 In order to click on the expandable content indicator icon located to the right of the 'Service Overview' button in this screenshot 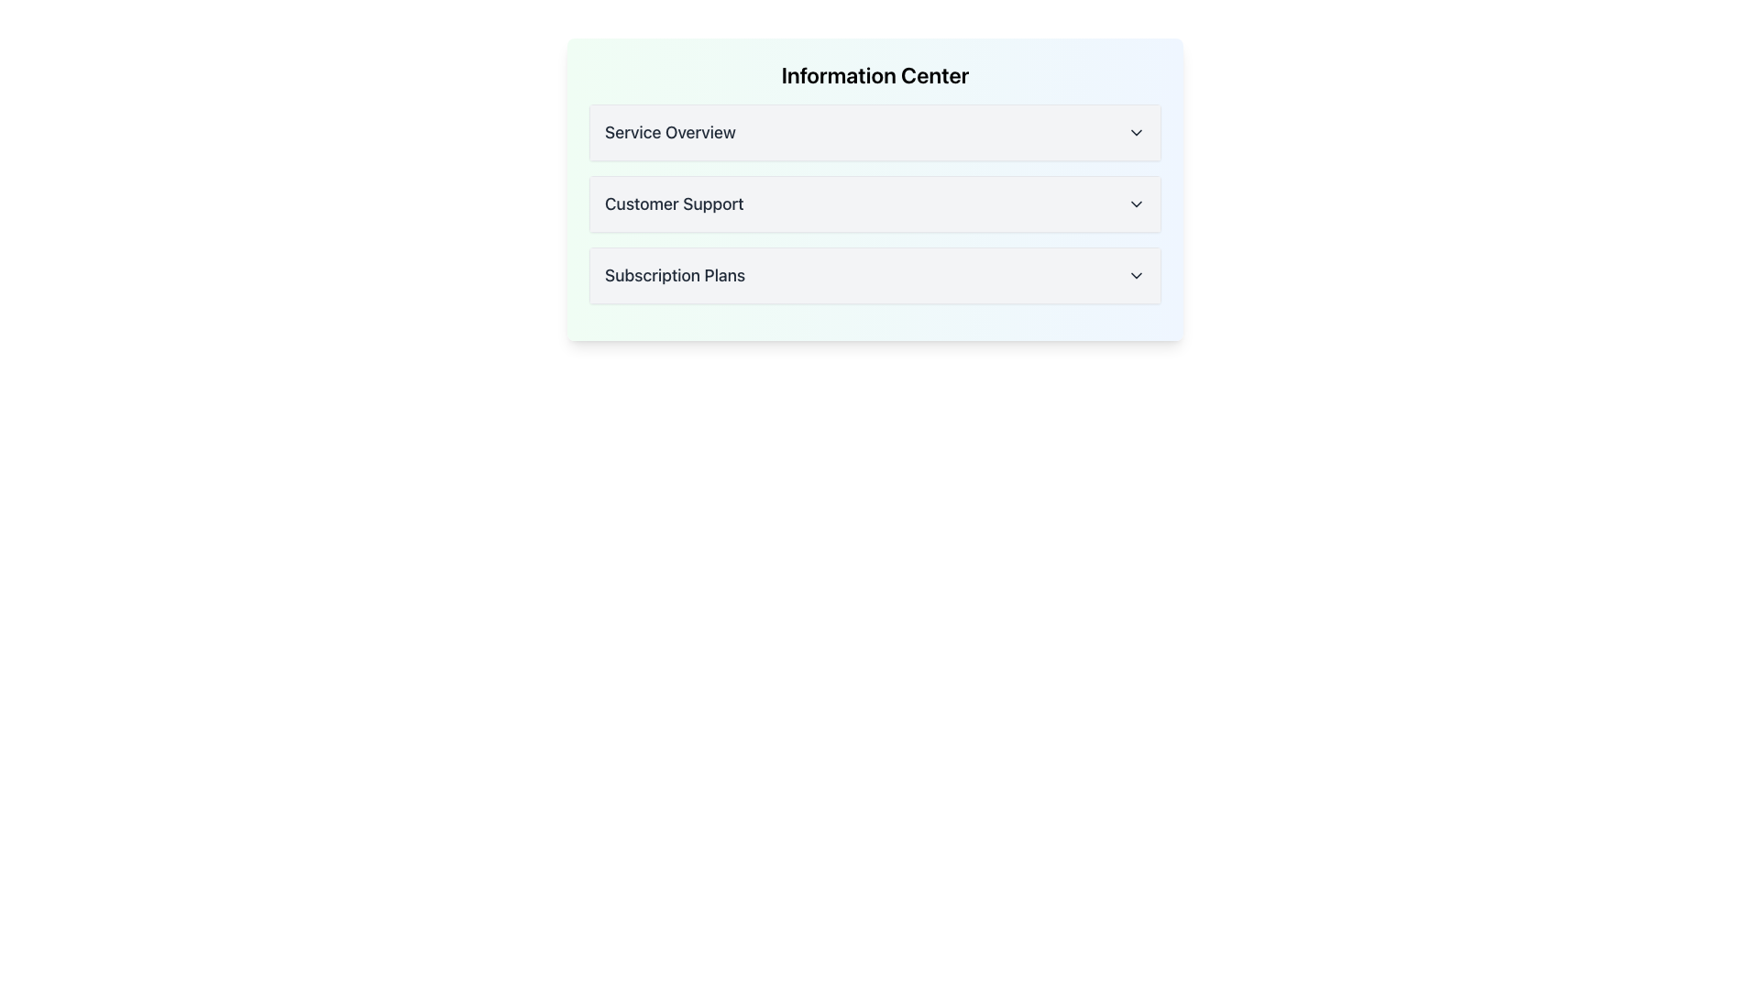, I will do `click(1135, 132)`.